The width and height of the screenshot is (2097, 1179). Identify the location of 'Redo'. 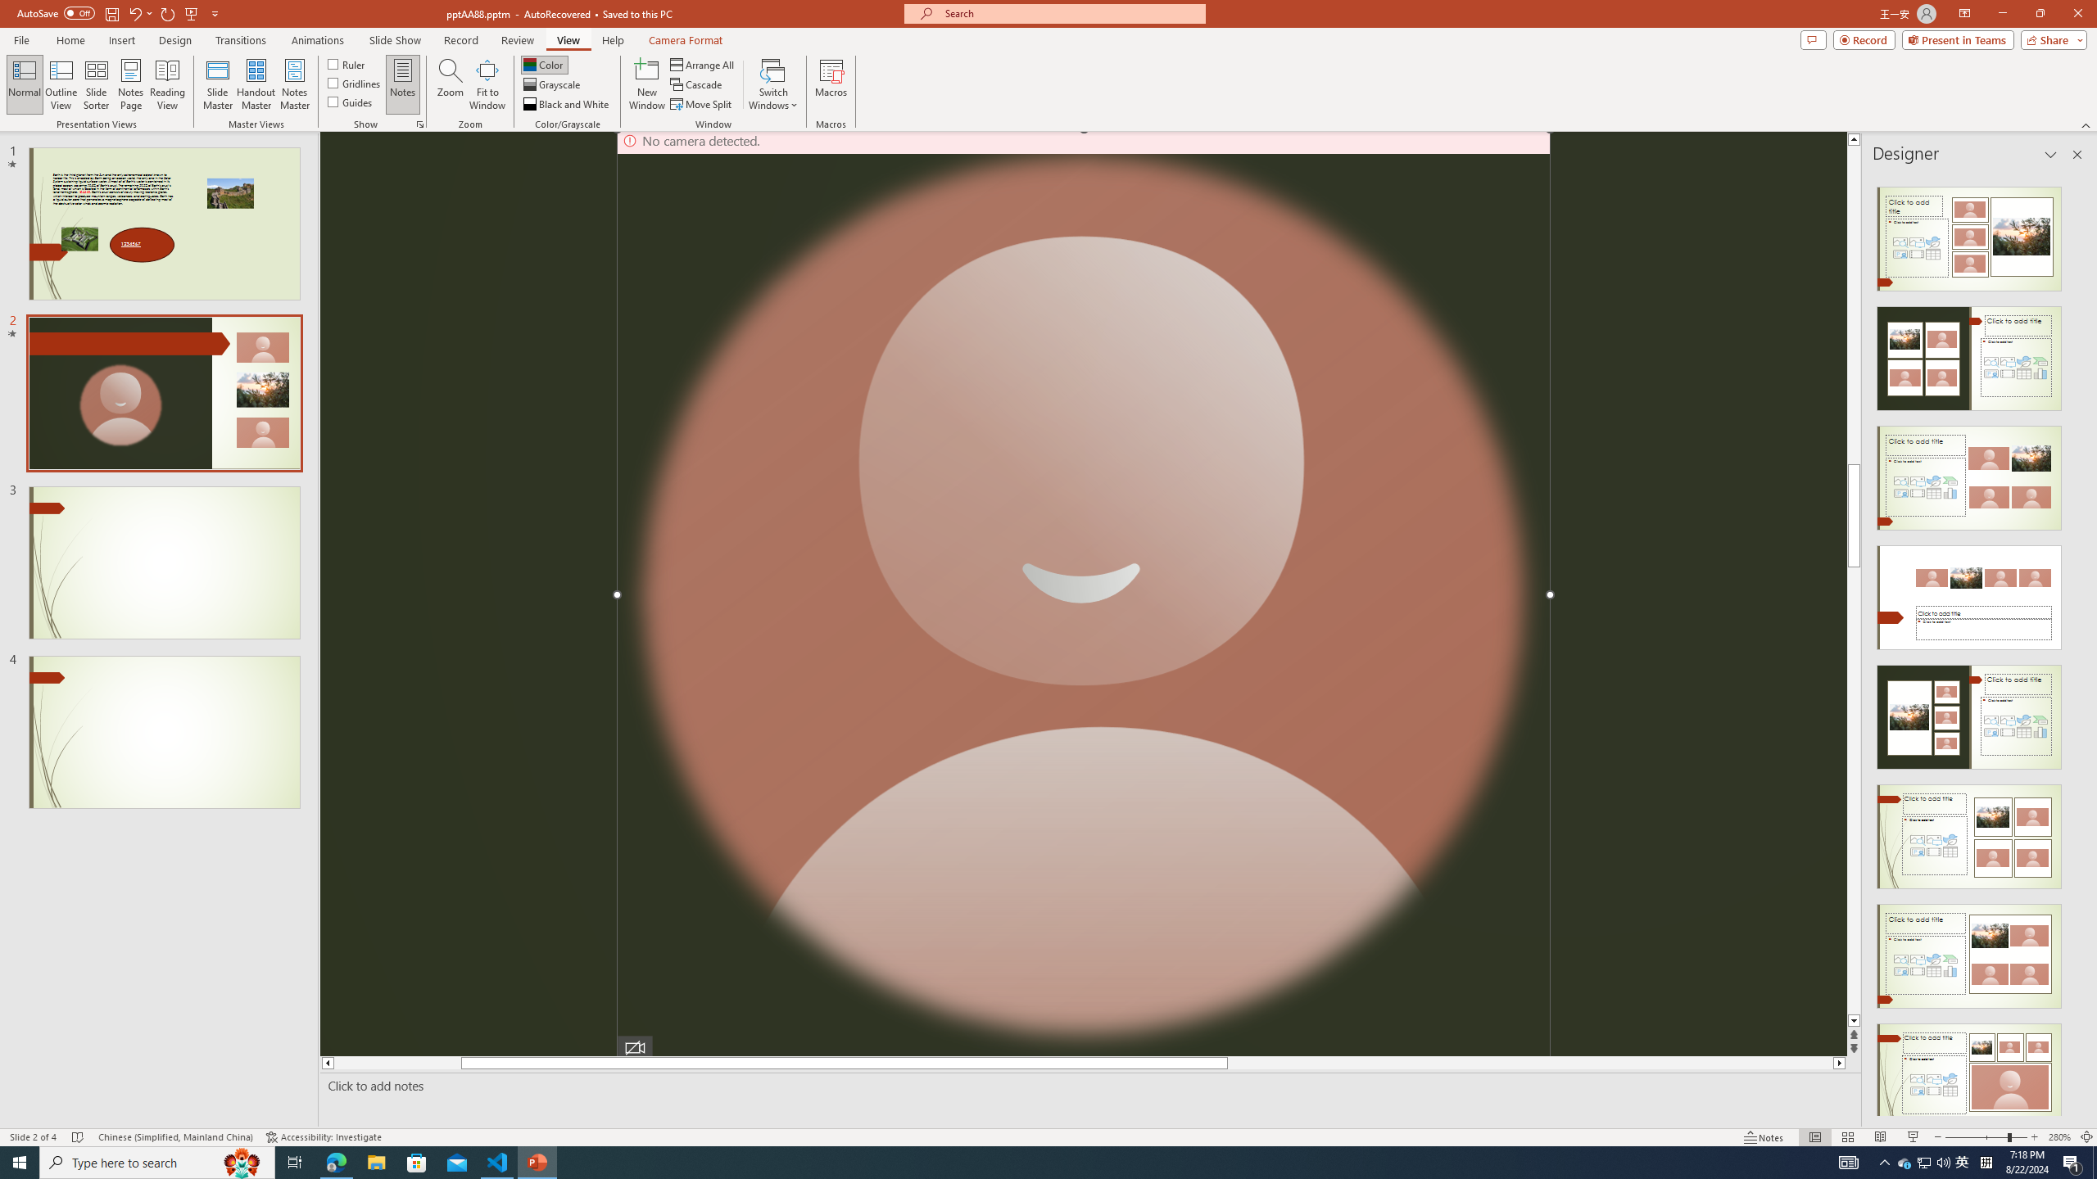
(168, 12).